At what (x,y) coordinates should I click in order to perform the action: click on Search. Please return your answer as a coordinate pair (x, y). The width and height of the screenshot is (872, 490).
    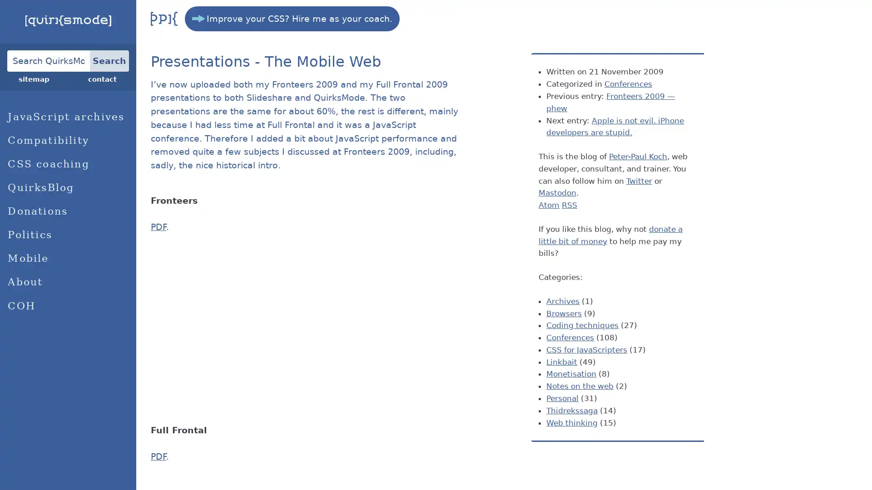
    Looking at the image, I should click on (109, 60).